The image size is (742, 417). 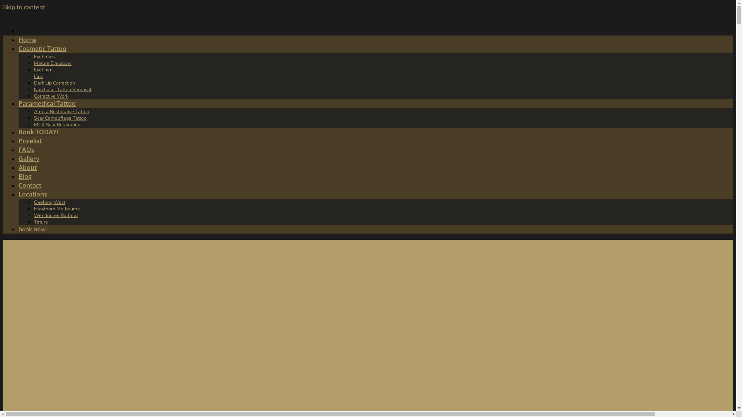 I want to click on 'Paramedical Tattoo', so click(x=46, y=103).